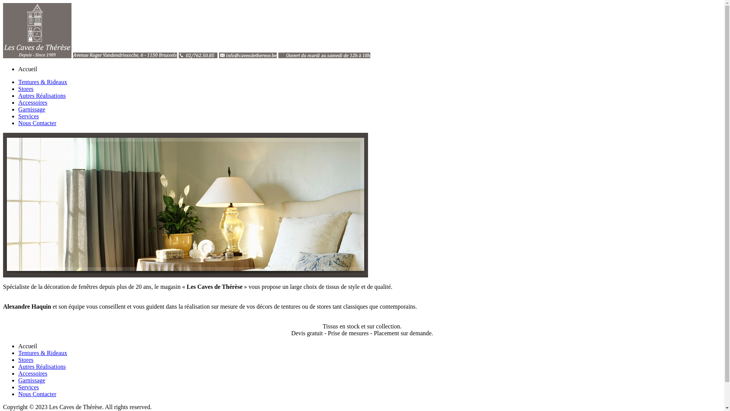 The image size is (730, 411). What do you see at coordinates (36, 123) in the screenshot?
I see `'Nous Contacter'` at bounding box center [36, 123].